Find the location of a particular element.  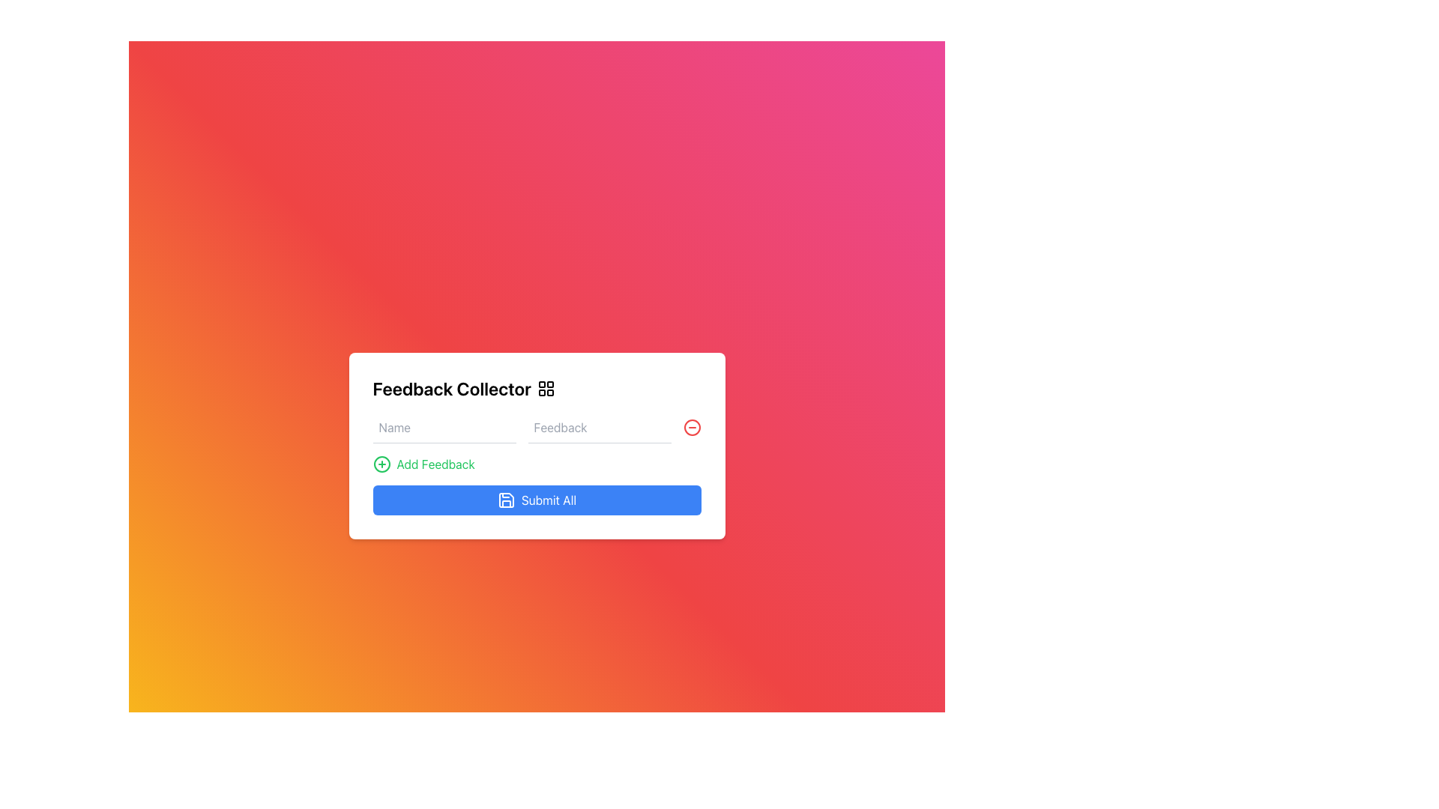

the 'Add Feedback' button located in the 'Feedback Collector' form, positioned under the 'Name' and 'Feedback' input fields and above the 'Submit All' button is located at coordinates (423, 463).